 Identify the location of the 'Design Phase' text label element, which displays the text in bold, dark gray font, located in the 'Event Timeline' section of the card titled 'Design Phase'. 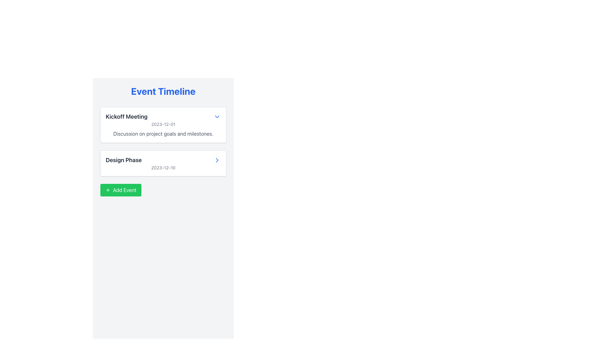
(124, 160).